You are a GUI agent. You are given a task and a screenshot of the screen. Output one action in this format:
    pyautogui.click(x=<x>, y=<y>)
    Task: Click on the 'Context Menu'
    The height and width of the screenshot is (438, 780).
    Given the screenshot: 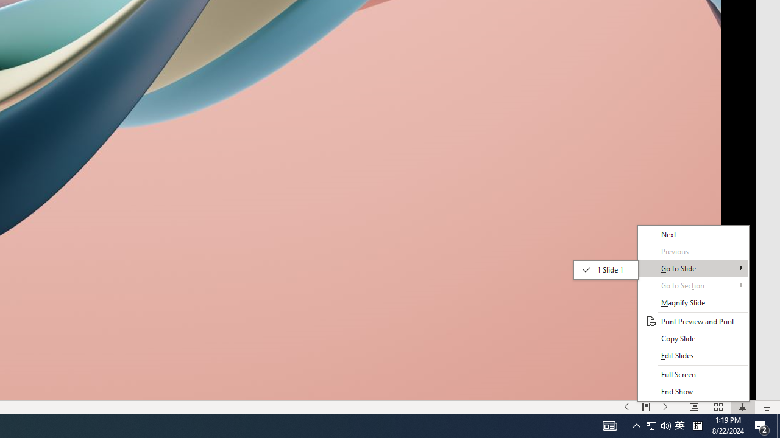 What is the action you would take?
    pyautogui.click(x=693, y=313)
    